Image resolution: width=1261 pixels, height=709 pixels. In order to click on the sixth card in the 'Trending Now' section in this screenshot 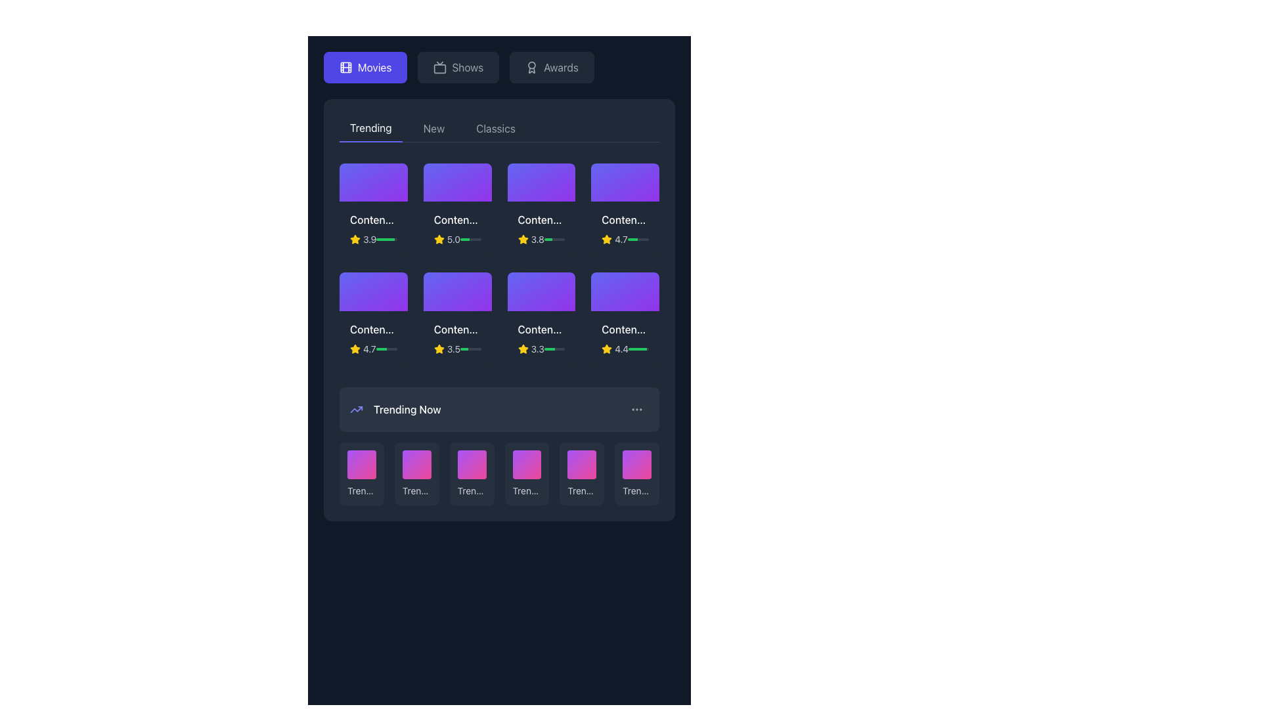, I will do `click(636, 473)`.